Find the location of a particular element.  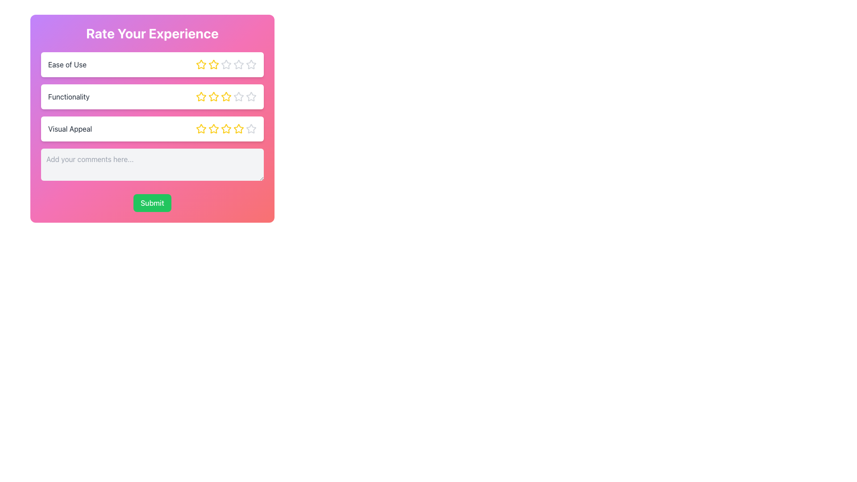

the fifth star icon in the rating system for 'Visual Appeal' is located at coordinates (250, 129).